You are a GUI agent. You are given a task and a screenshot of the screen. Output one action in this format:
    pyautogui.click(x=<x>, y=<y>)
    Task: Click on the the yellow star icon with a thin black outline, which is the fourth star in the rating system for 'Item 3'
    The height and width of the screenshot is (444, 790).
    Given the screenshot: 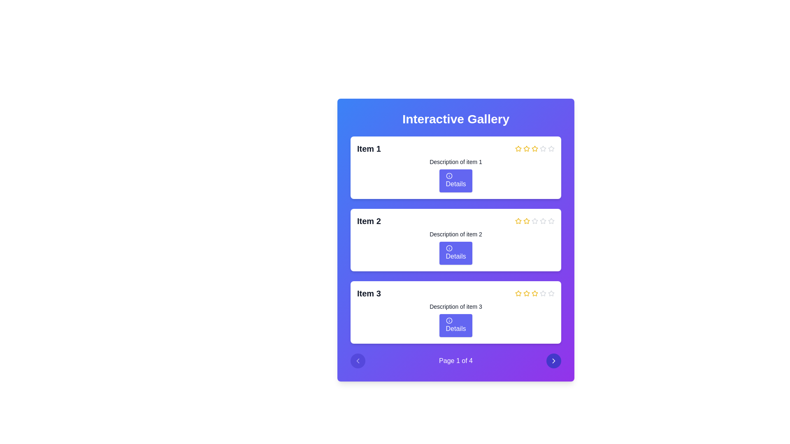 What is the action you would take?
    pyautogui.click(x=535, y=293)
    